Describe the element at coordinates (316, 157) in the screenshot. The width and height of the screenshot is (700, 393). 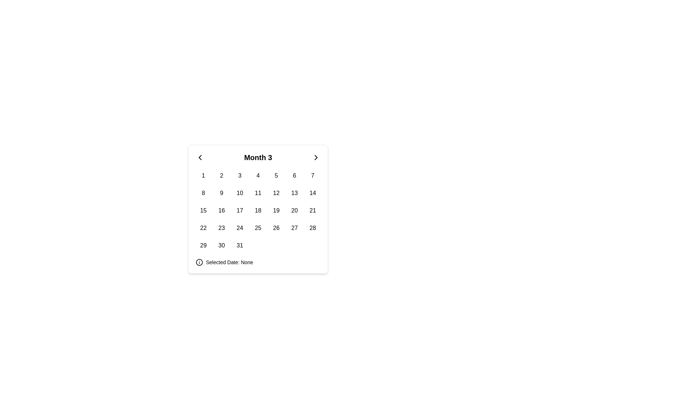
I see `the right chevron icon button located to the right of the 'Month 3' title in the header of the calendar widget` at that location.